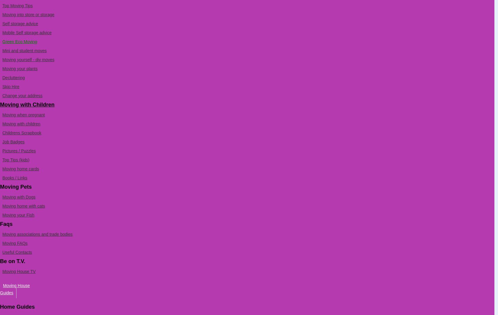 This screenshot has height=315, width=498. I want to click on 'Useful Contacts', so click(17, 252).